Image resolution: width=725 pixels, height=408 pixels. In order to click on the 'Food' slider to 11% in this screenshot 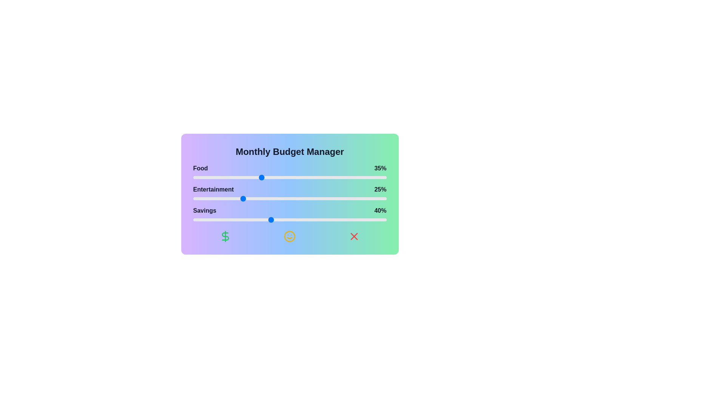, I will do `click(214, 178)`.